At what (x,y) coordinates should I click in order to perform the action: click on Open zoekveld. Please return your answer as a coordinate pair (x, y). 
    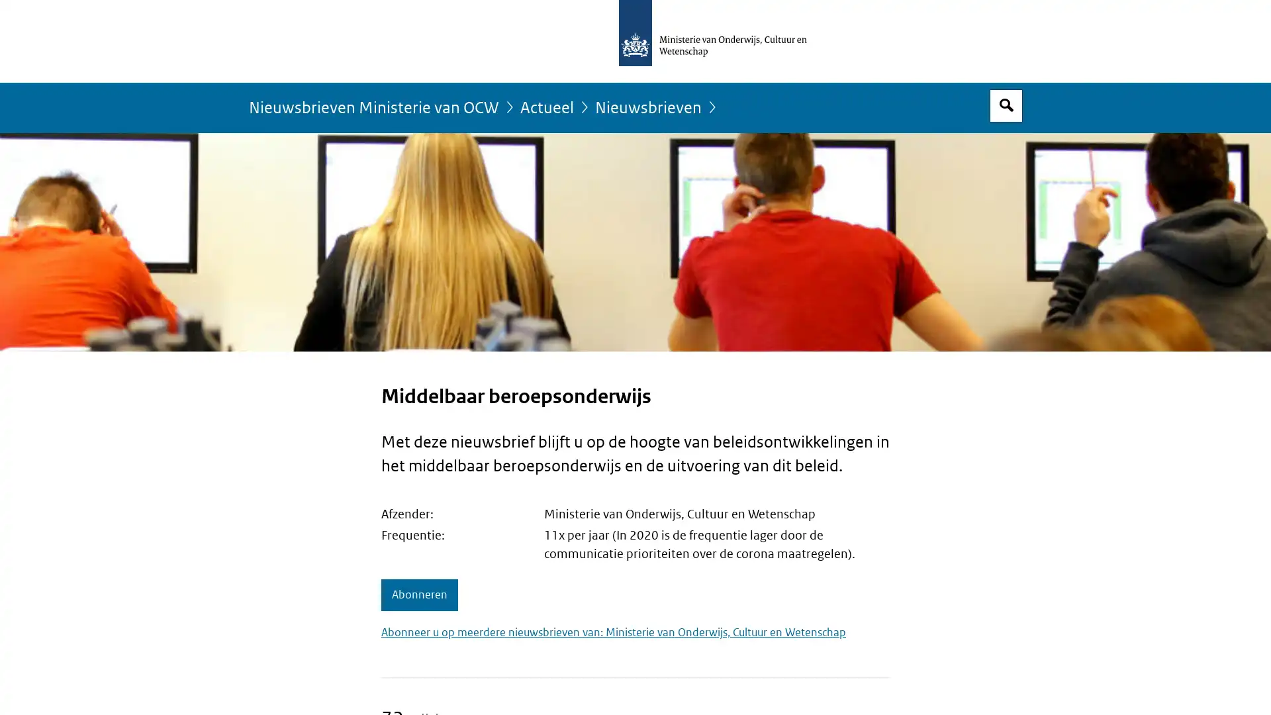
    Looking at the image, I should click on (1006, 105).